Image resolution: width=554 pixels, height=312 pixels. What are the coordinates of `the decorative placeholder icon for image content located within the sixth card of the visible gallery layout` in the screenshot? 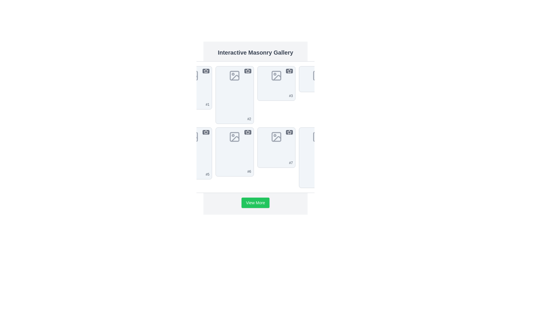 It's located at (235, 139).